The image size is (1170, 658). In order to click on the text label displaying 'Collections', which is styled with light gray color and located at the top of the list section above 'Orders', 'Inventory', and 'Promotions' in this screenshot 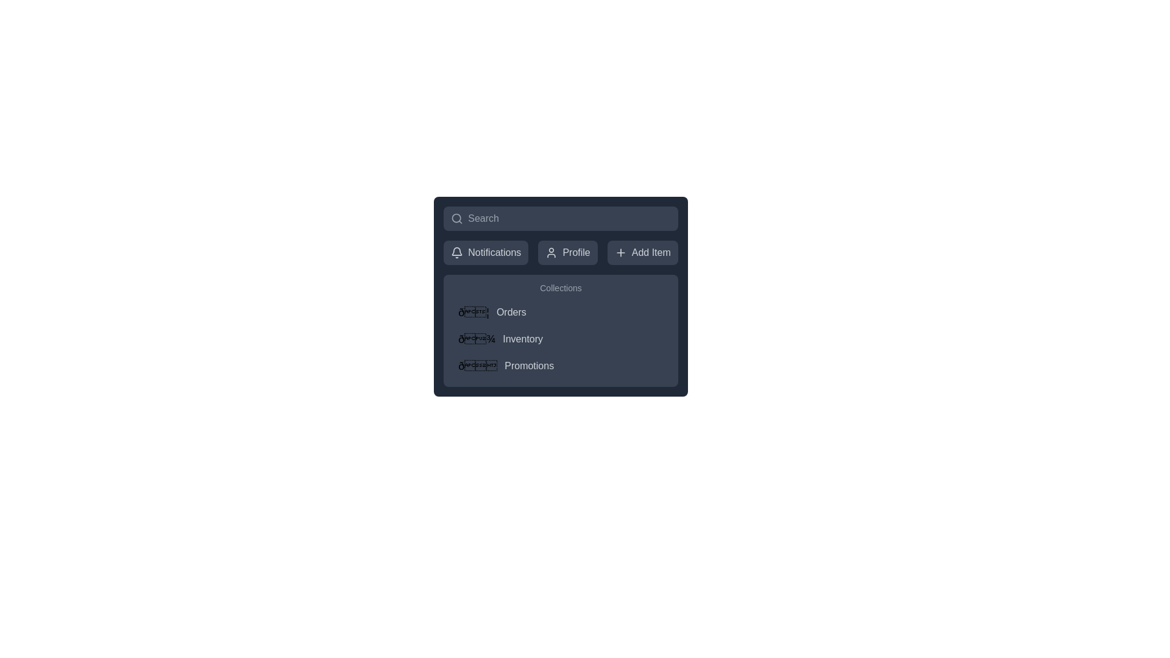, I will do `click(560, 288)`.